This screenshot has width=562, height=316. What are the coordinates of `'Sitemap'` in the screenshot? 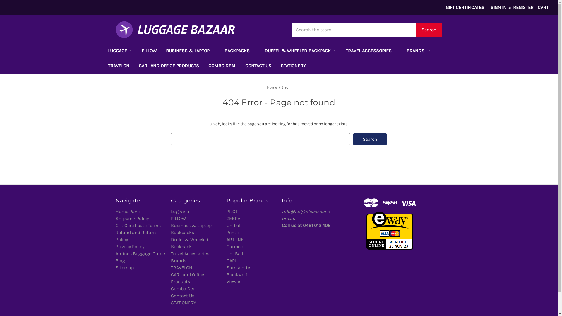 It's located at (124, 267).